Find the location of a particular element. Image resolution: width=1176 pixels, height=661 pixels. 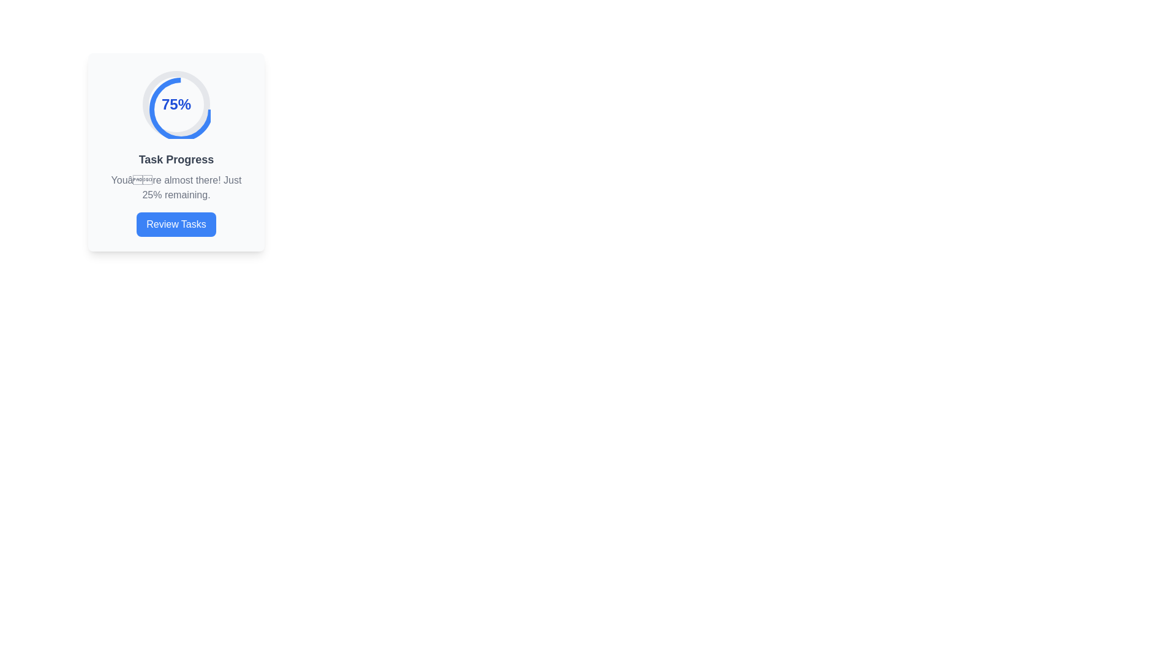

the text display showing '75%' which is styled in bold, large blue font and located at the center of a circular progress indicator is located at coordinates (176, 103).